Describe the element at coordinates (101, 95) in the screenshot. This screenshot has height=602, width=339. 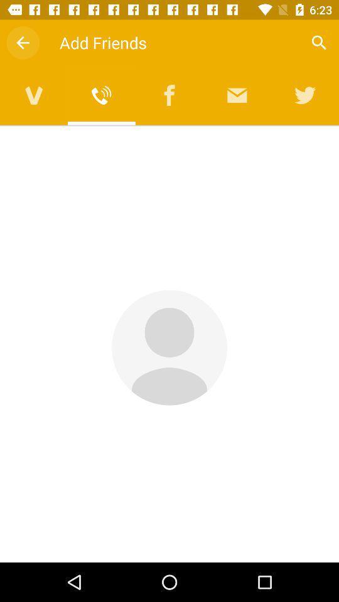
I see `the call icon` at that location.